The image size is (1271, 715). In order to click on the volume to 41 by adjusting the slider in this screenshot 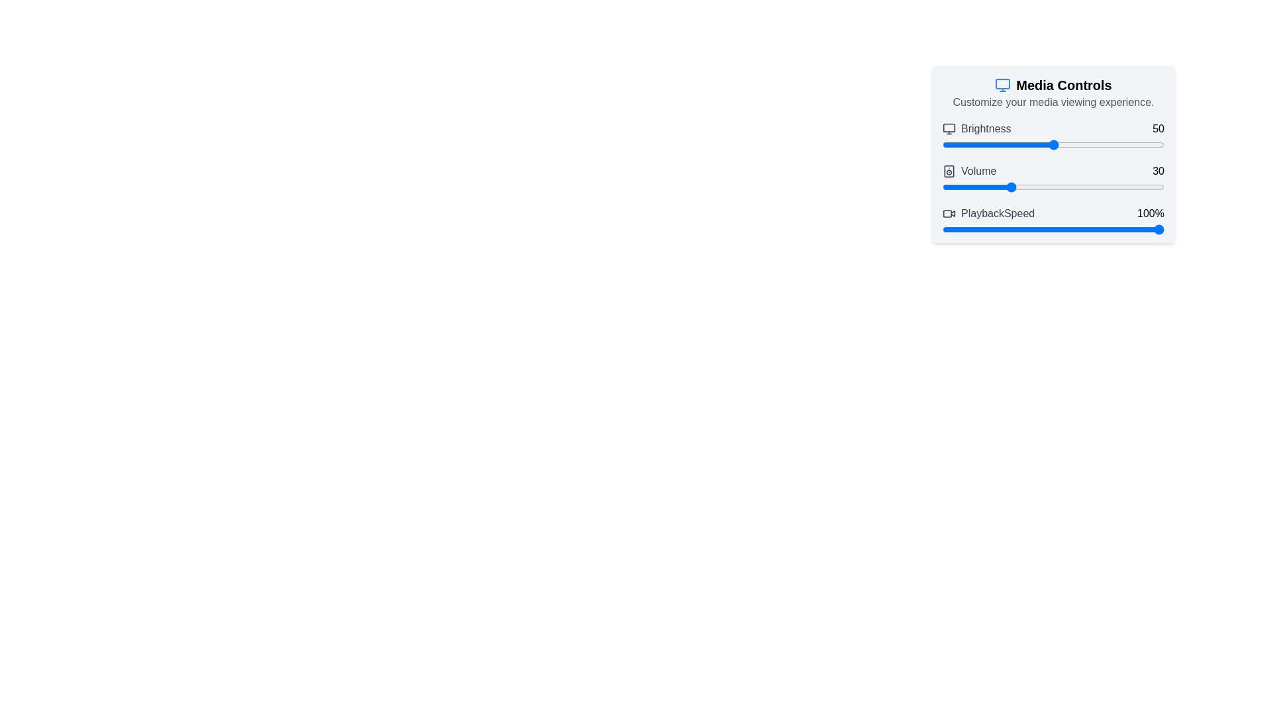, I will do `click(1033, 187)`.